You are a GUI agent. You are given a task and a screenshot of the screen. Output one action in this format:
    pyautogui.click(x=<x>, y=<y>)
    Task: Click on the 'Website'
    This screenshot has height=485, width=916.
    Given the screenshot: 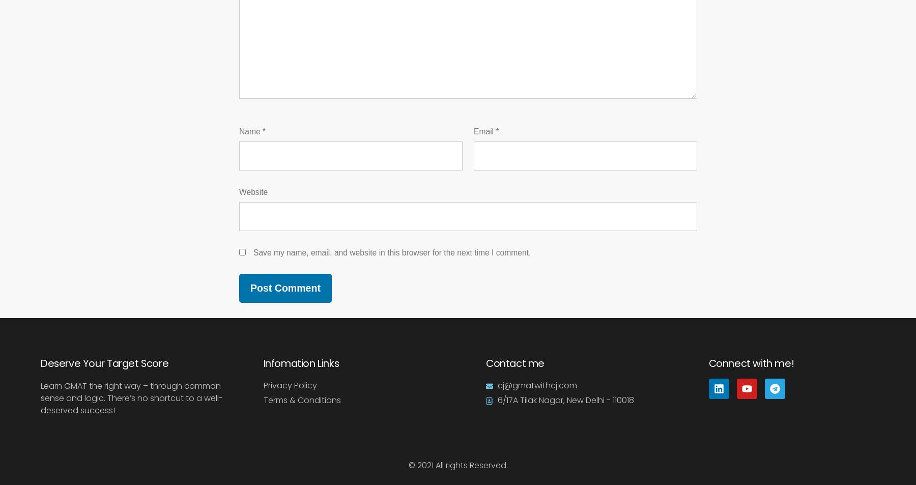 What is the action you would take?
    pyautogui.click(x=253, y=191)
    